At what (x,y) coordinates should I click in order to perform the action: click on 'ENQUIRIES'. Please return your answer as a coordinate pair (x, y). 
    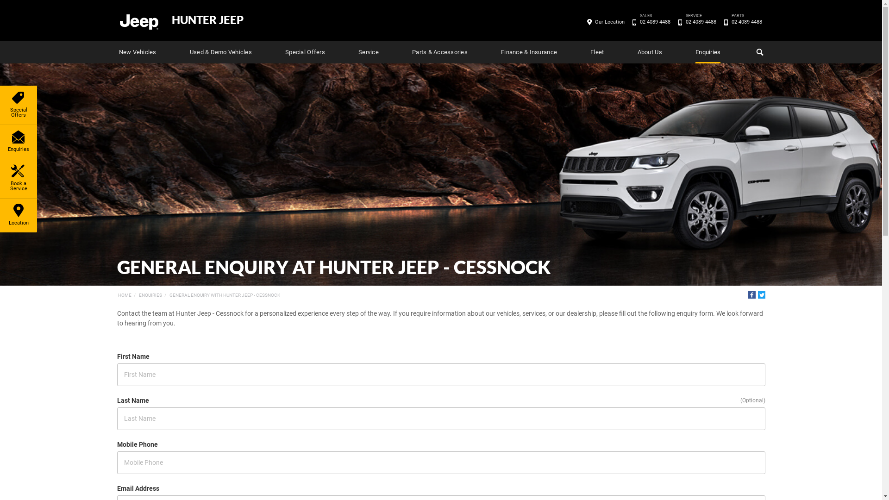
    Looking at the image, I should click on (150, 295).